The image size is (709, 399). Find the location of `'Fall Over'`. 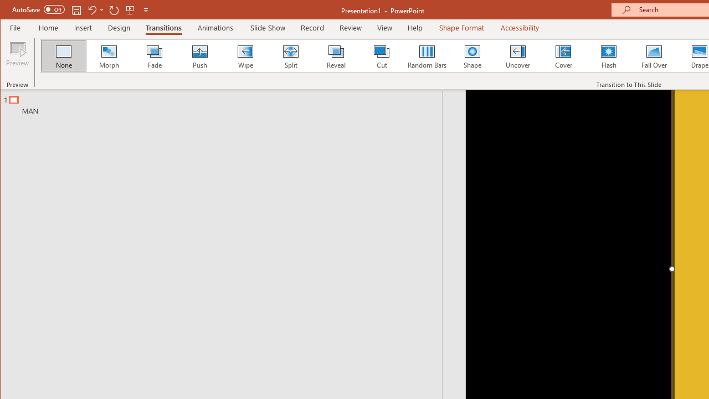

'Fall Over' is located at coordinates (654, 55).